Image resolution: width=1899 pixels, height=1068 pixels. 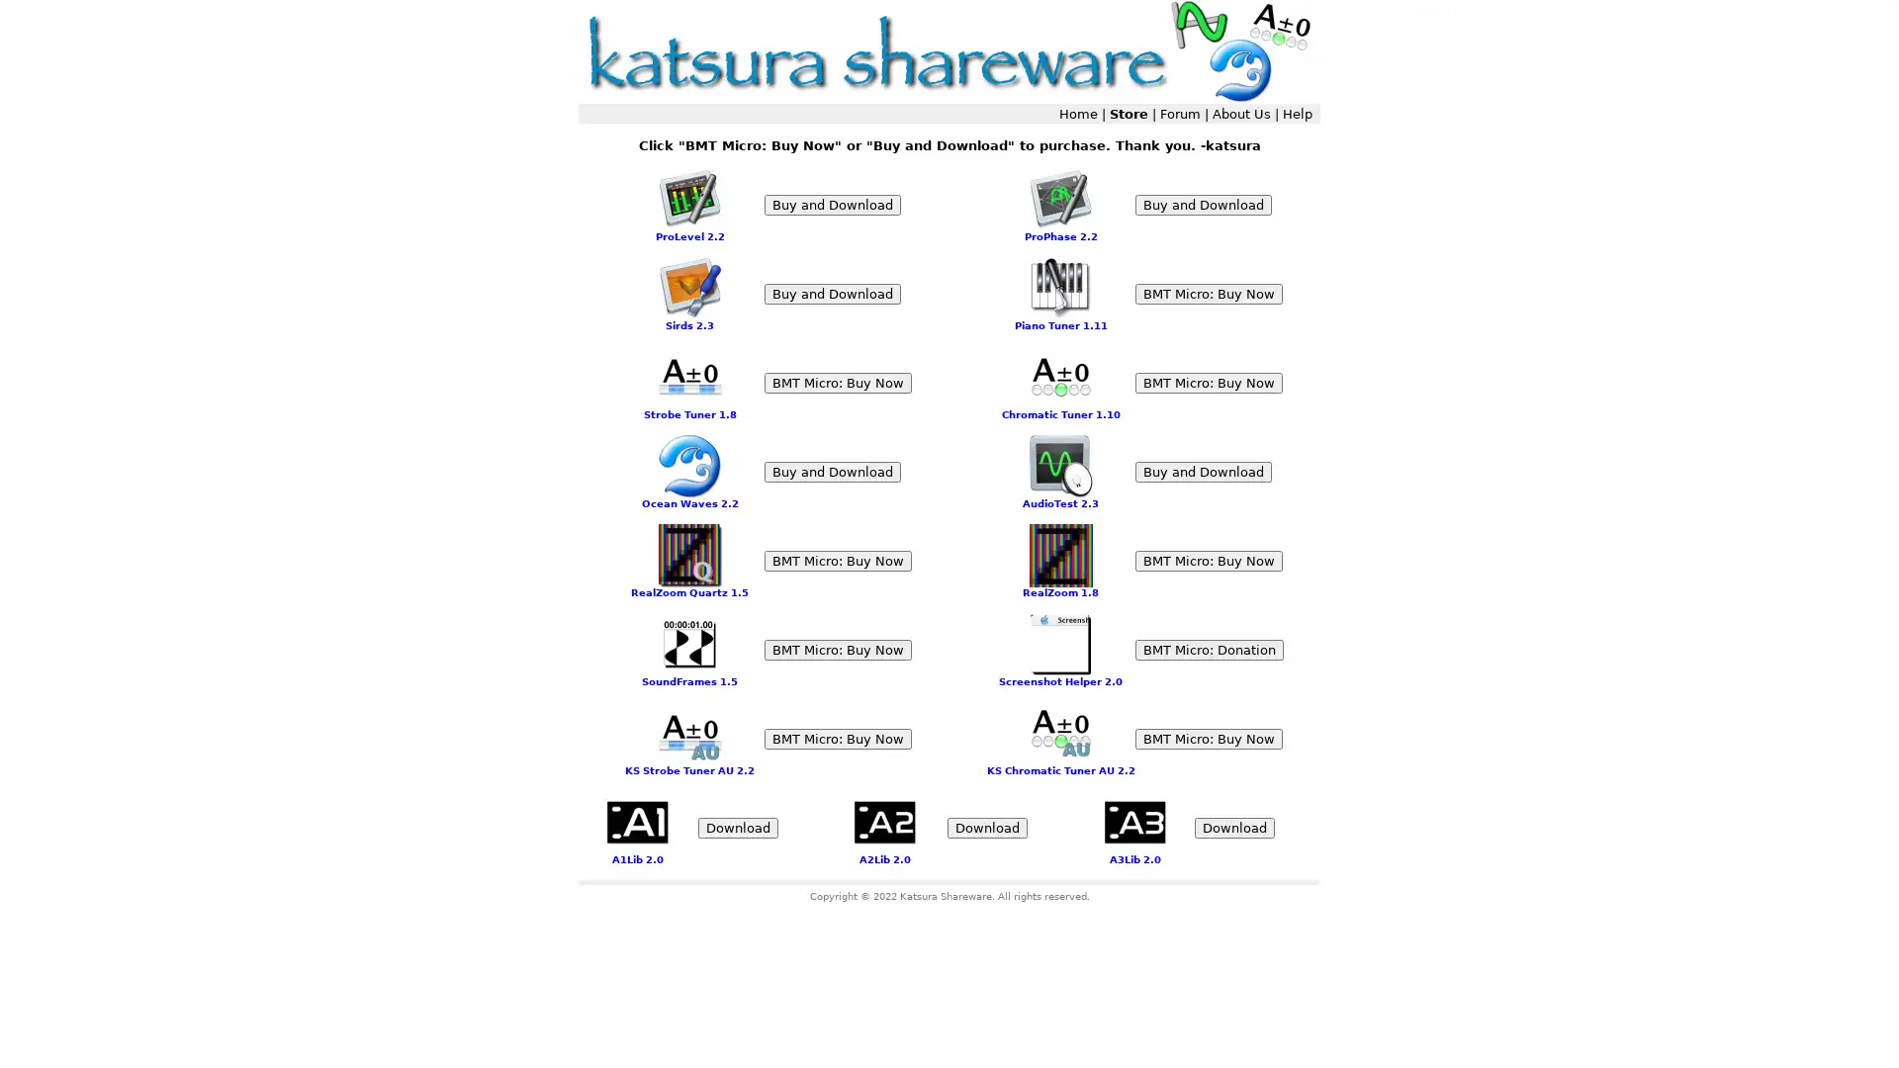 I want to click on Download, so click(x=1233, y=828).